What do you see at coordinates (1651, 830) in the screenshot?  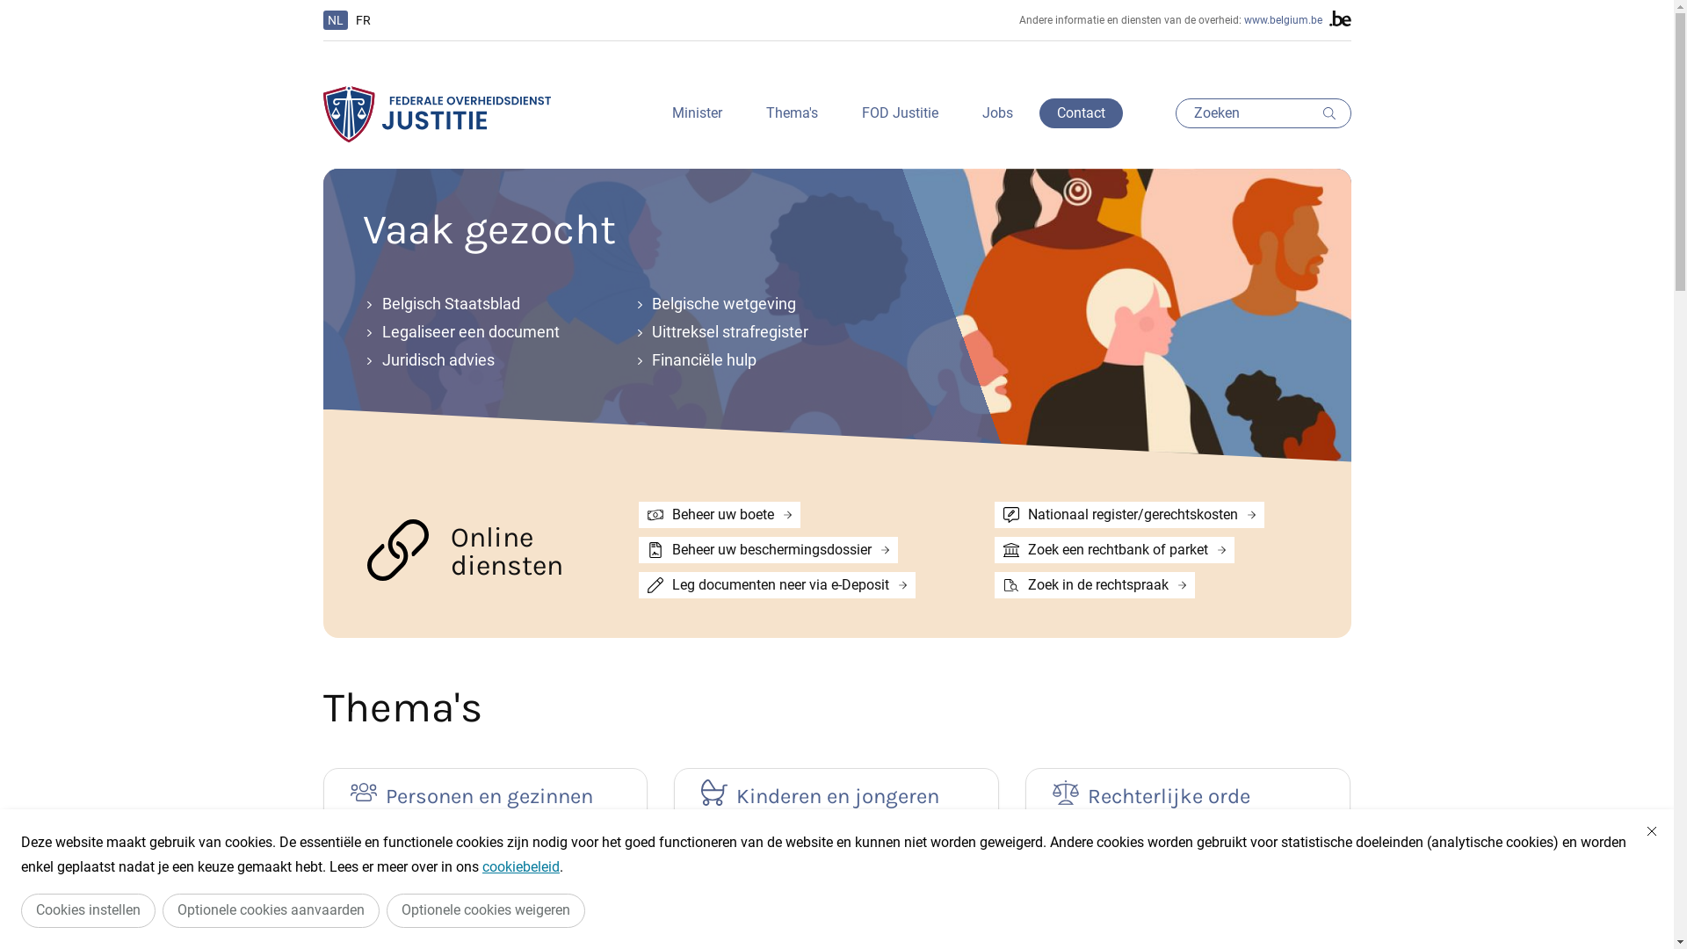 I see `'Sluiten'` at bounding box center [1651, 830].